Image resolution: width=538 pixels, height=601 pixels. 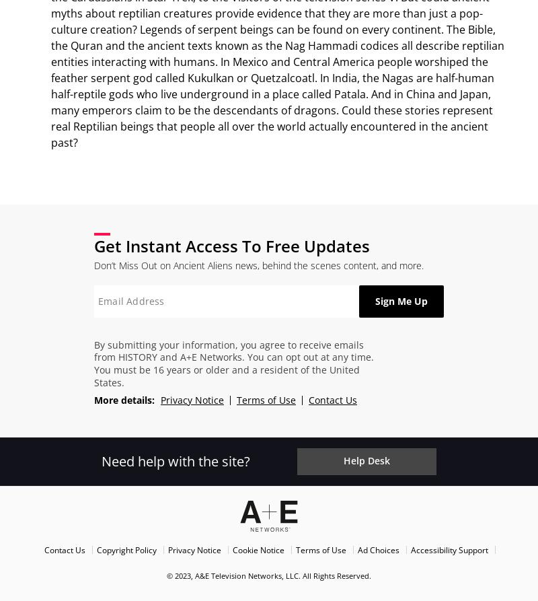 What do you see at coordinates (234, 362) in the screenshot?
I see `'By submitting your information, you agree to receive emails from HISTORY and A+E Networks. You can opt out at any time. You must be 16 years or older and a resident of the United States.'` at bounding box center [234, 362].